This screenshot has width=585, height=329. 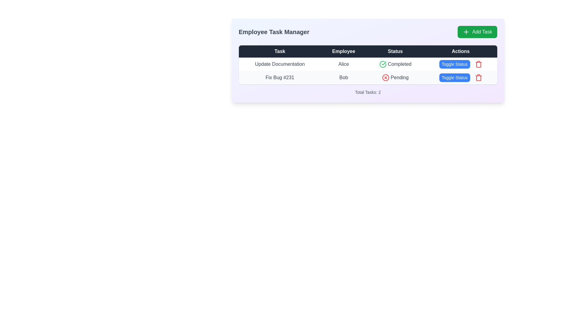 What do you see at coordinates (478, 77) in the screenshot?
I see `the delete button icon located in the 'Actions' column next to the 'Toggle Status' blue button for the task 'Update Documentation'` at bounding box center [478, 77].